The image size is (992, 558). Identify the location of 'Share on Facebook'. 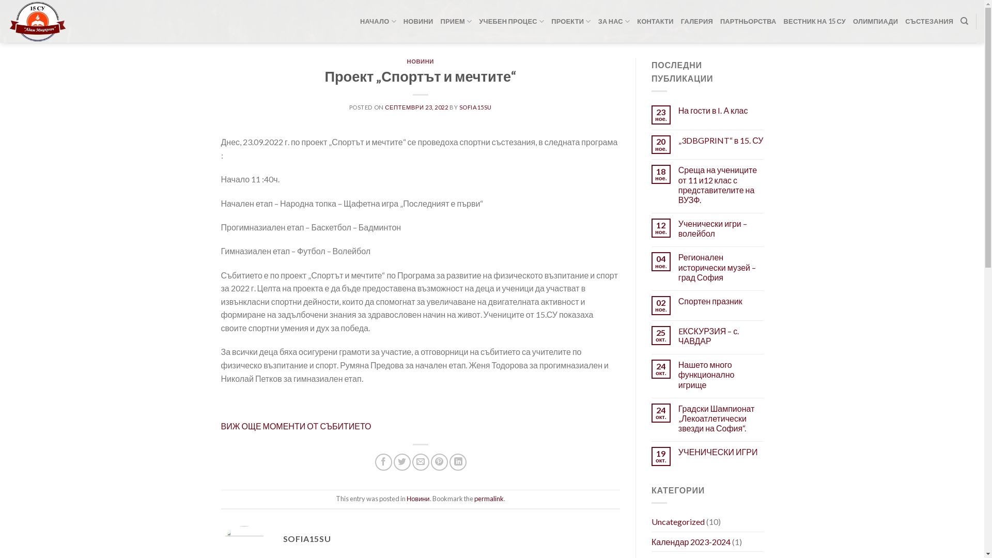
(383, 461).